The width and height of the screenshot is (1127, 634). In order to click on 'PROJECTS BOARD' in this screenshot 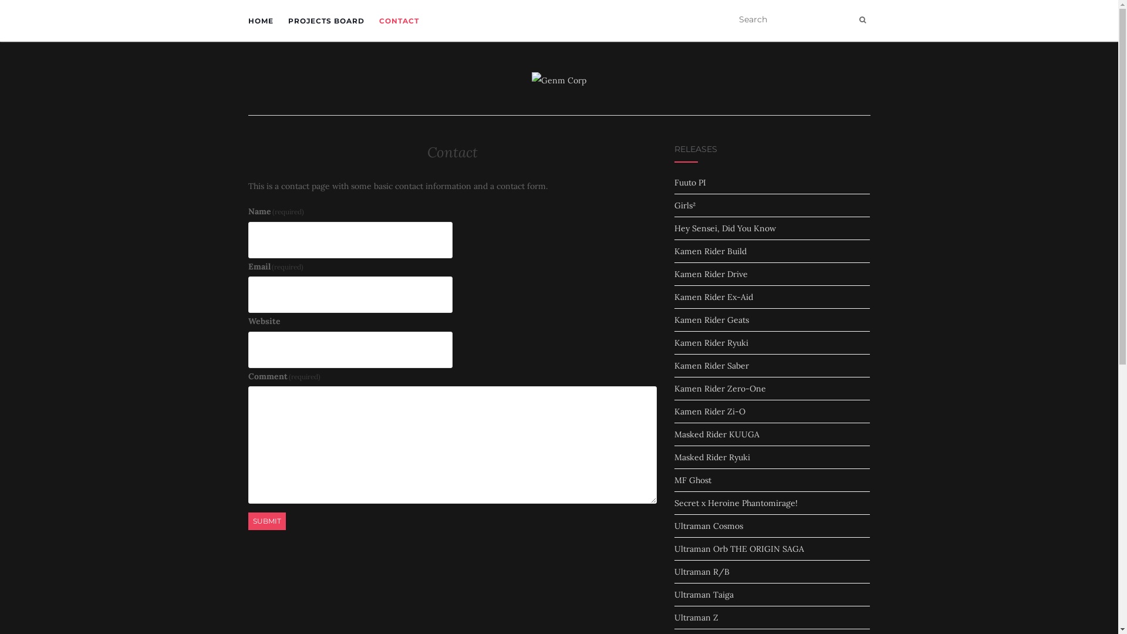, I will do `click(326, 21)`.